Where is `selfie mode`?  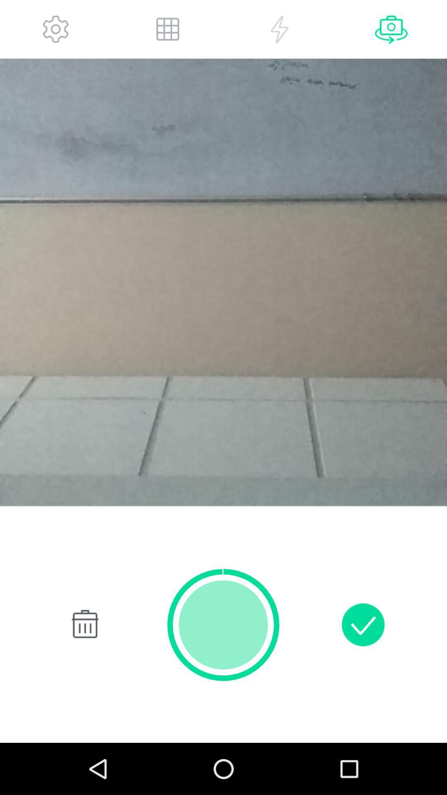 selfie mode is located at coordinates (391, 29).